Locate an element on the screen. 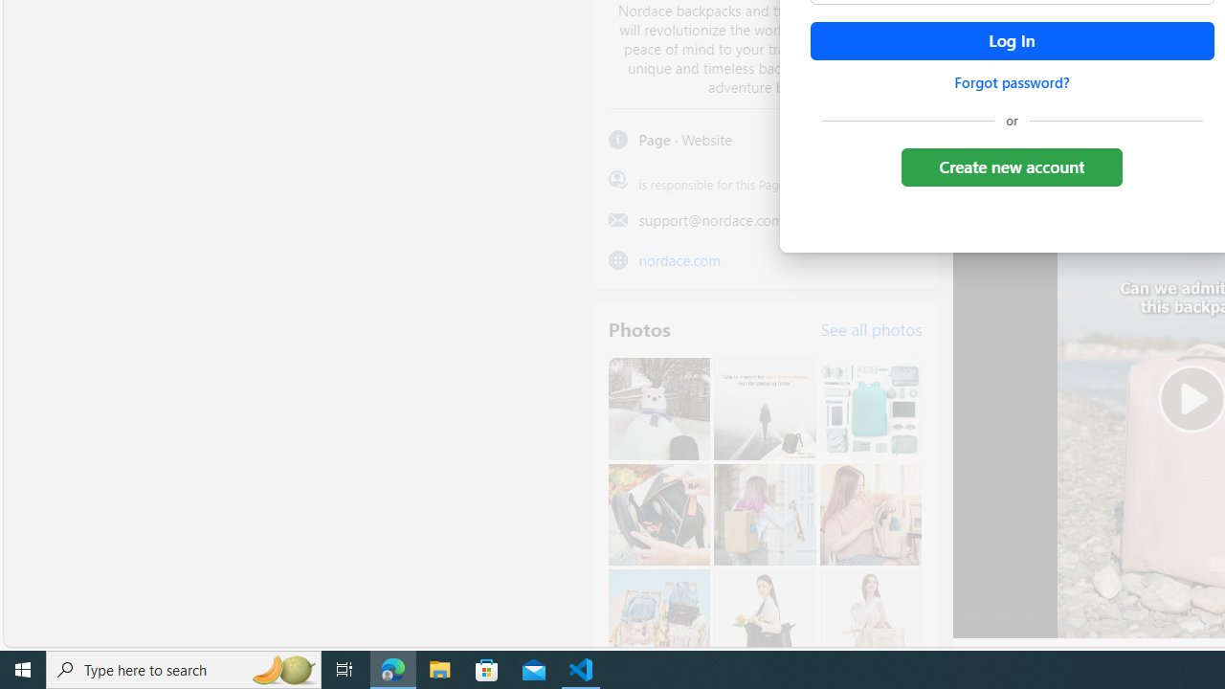 Image resolution: width=1225 pixels, height=689 pixels. 'Forgot password?' is located at coordinates (1011, 81).